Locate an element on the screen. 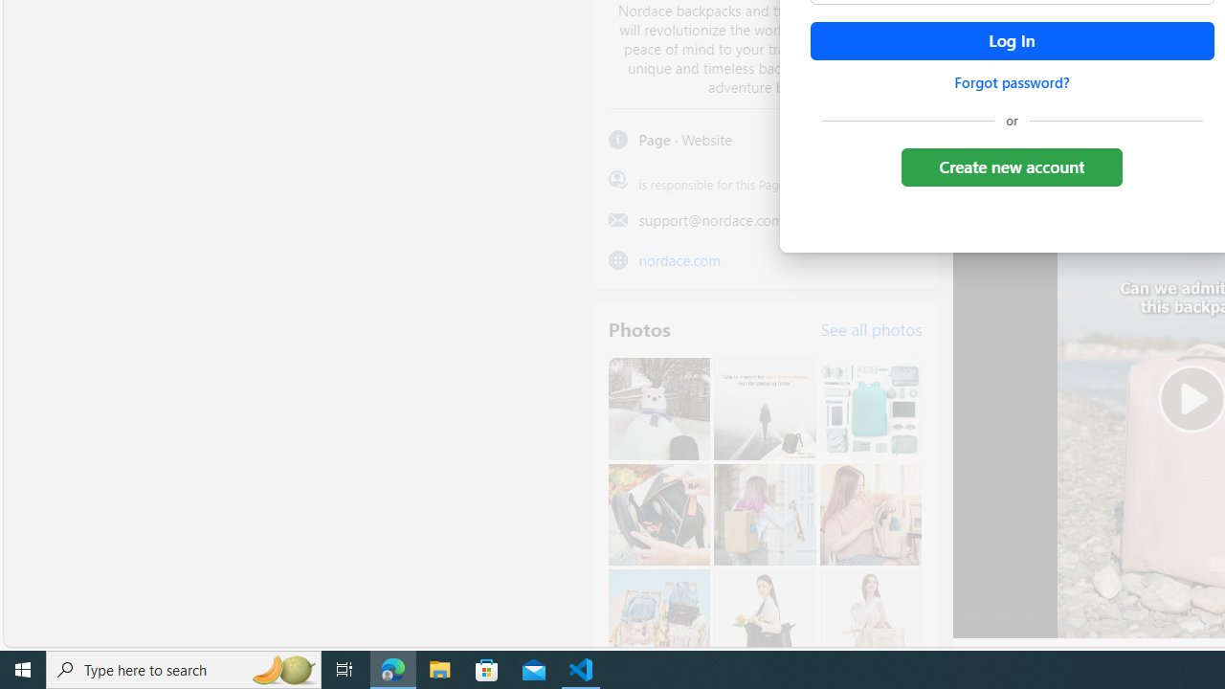 Image resolution: width=1225 pixels, height=689 pixels. 'Forgot password?' is located at coordinates (1011, 81).